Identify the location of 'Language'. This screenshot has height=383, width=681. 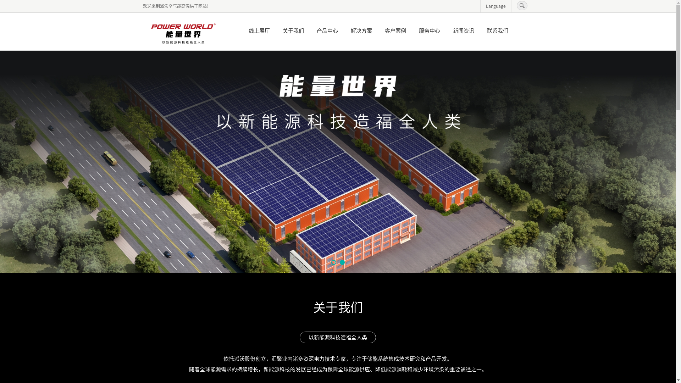
(485, 6).